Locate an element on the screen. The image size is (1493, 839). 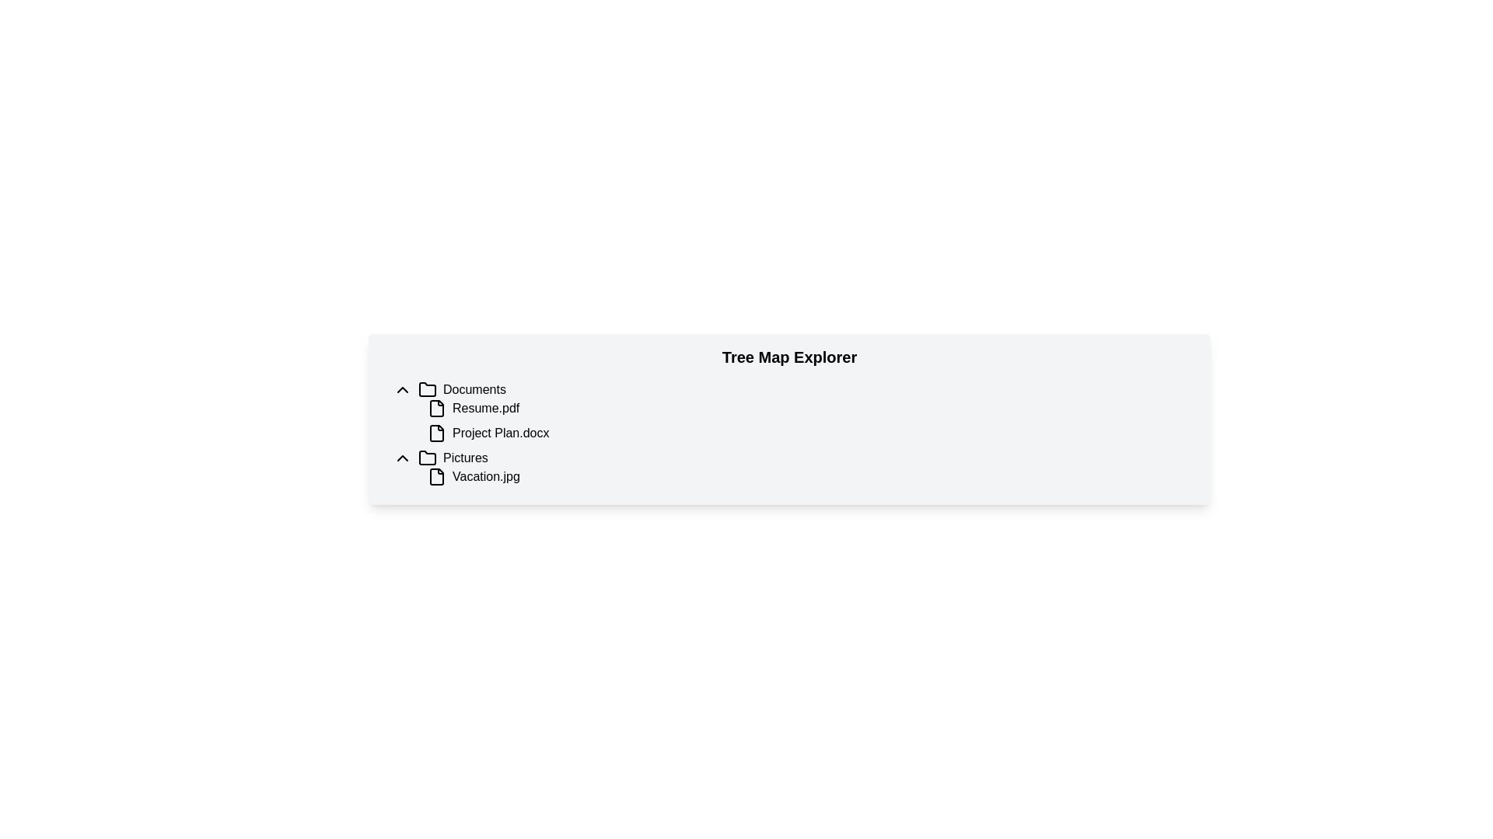
the downward-pointing chevron icon button located at the top-left of the 'Documents' section is located at coordinates (403, 388).